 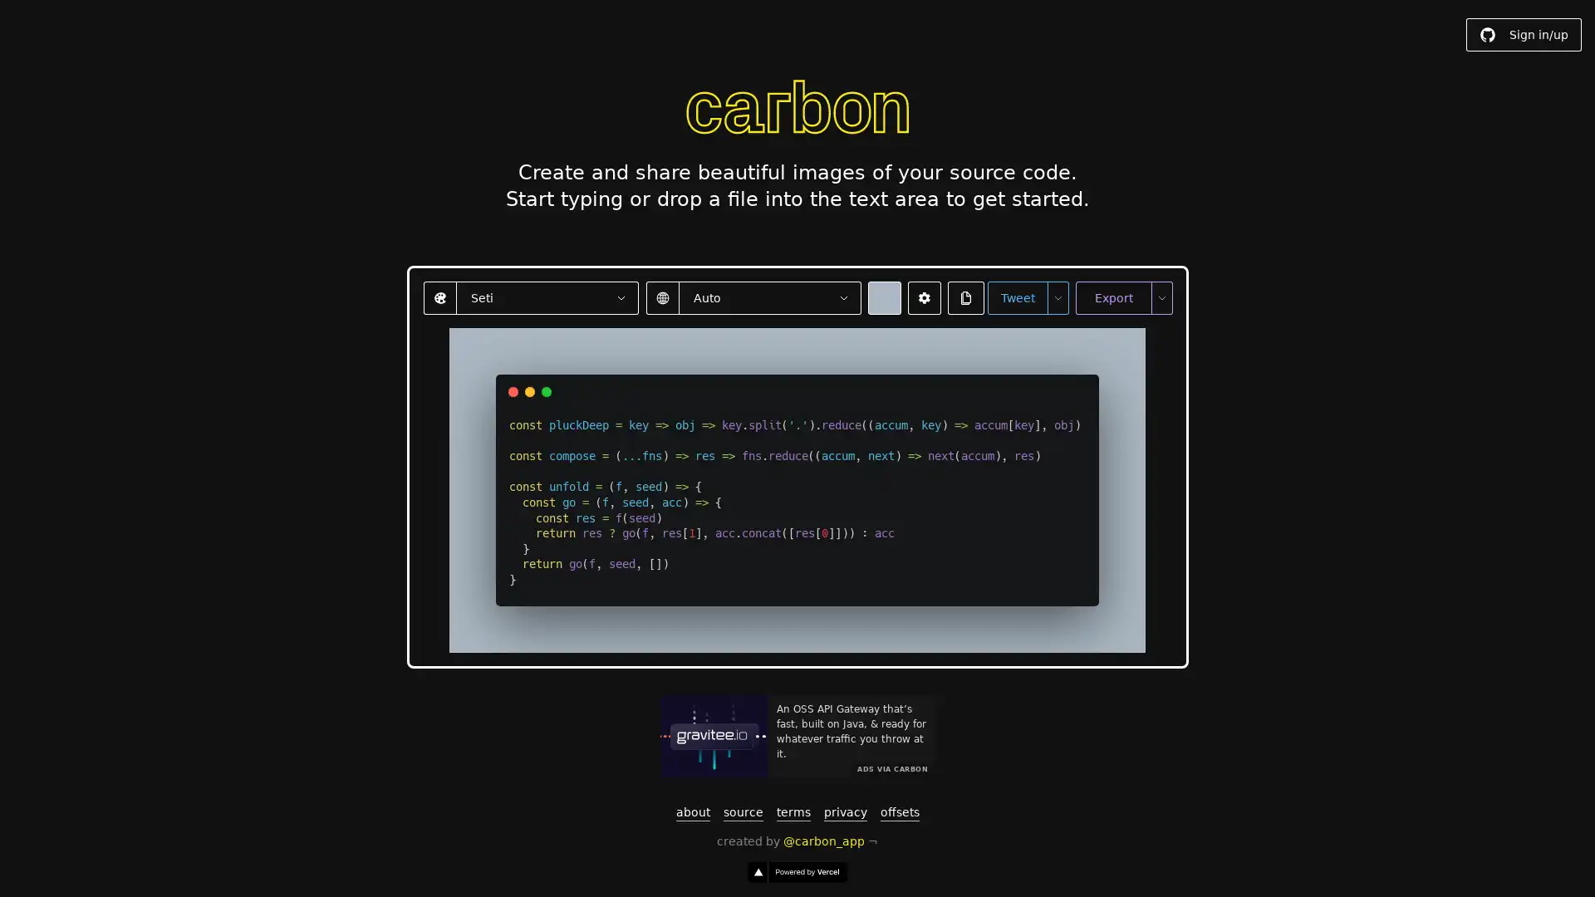 What do you see at coordinates (1160, 297) in the screenshot?
I see `Export menu dropdown` at bounding box center [1160, 297].